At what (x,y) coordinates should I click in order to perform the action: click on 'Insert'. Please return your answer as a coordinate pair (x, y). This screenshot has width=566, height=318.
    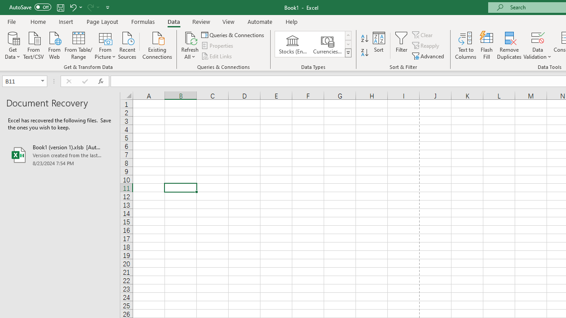
    Looking at the image, I should click on (65, 21).